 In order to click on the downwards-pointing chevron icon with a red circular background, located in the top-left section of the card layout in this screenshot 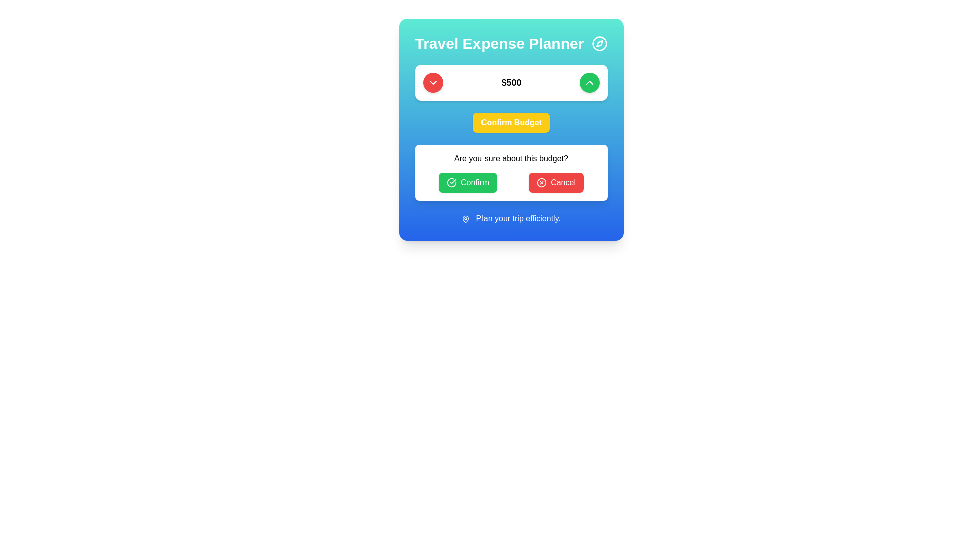, I will do `click(433, 82)`.